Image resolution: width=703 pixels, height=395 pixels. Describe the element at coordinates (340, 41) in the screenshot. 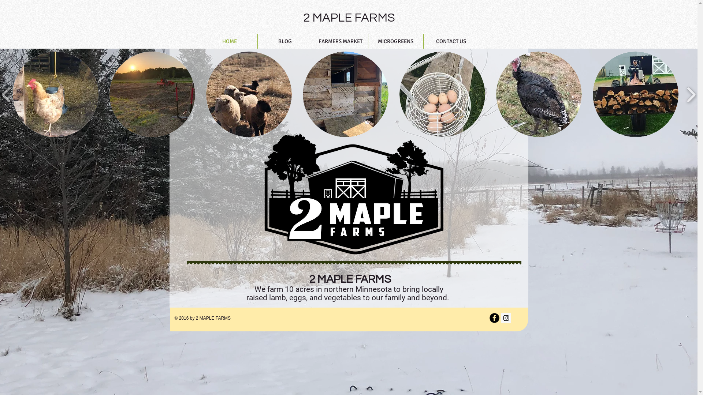

I see `'FARMERS MARKET'` at that location.